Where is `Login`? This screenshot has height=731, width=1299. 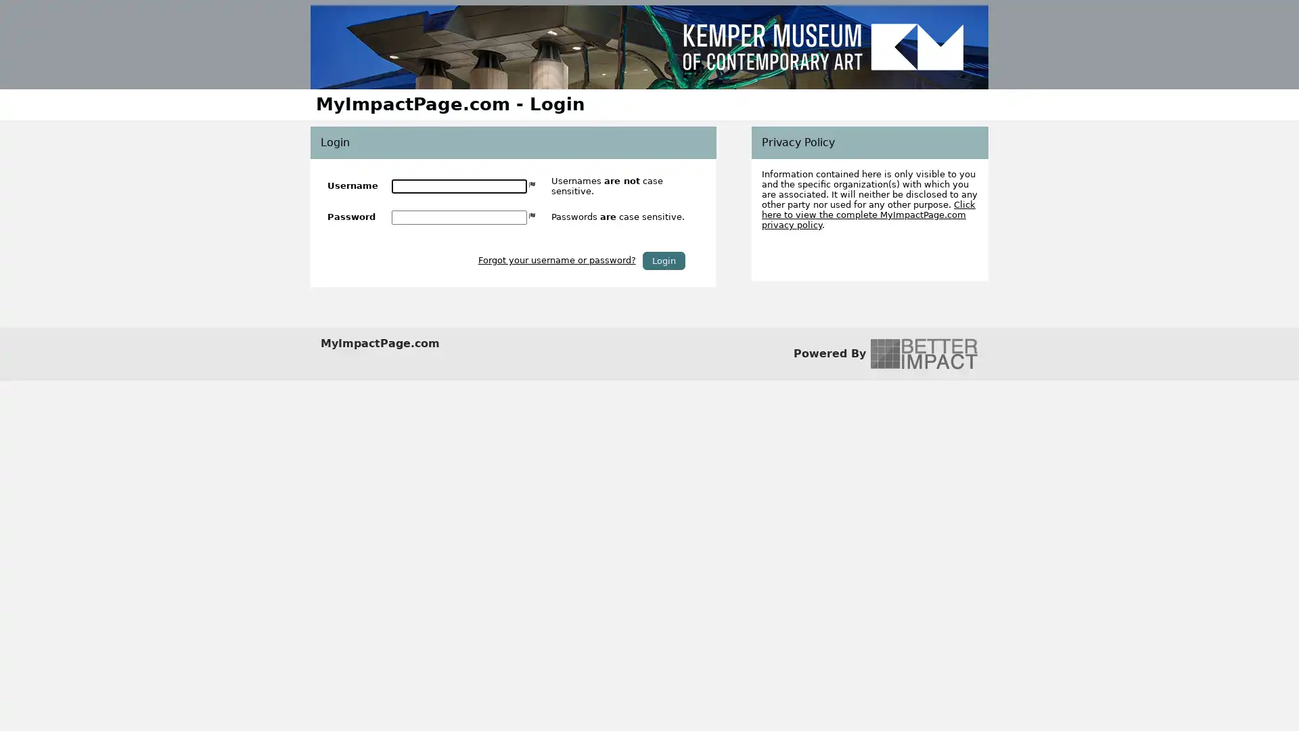
Login is located at coordinates (663, 260).